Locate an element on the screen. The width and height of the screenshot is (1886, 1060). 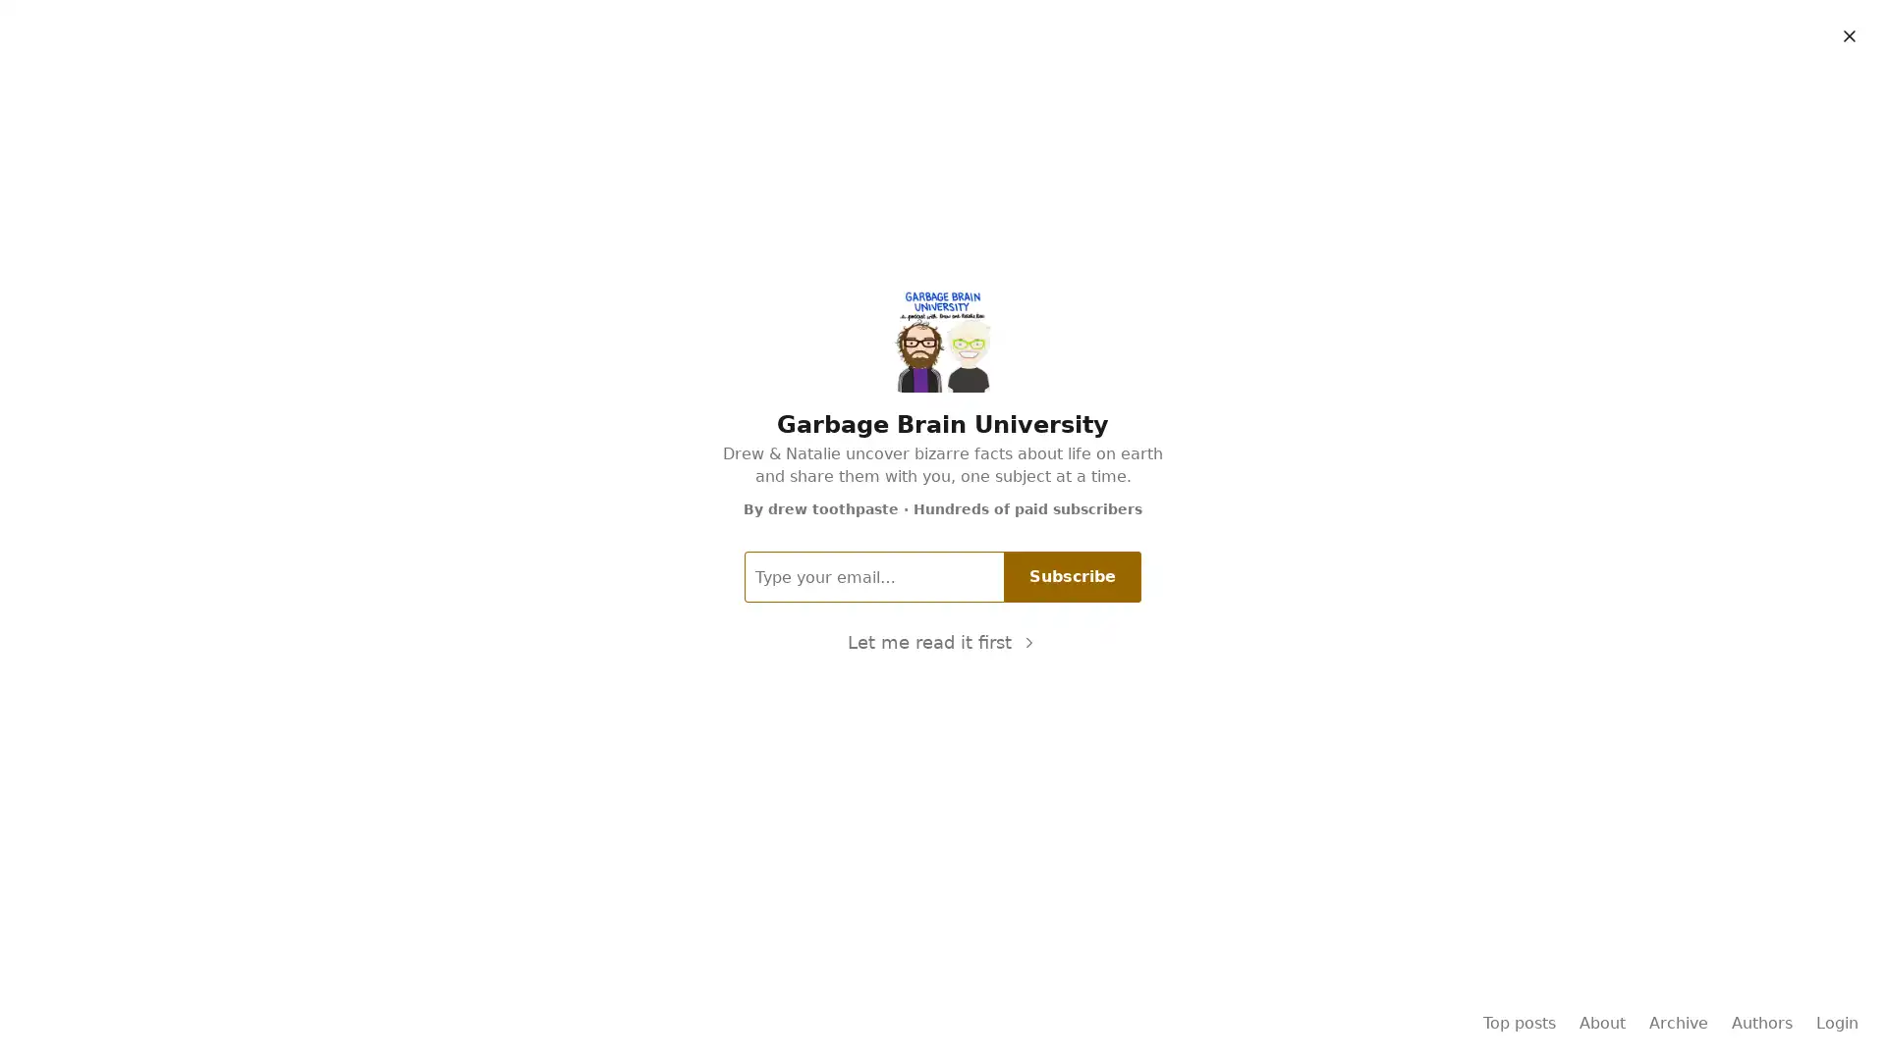
Home is located at coordinates (871, 85).